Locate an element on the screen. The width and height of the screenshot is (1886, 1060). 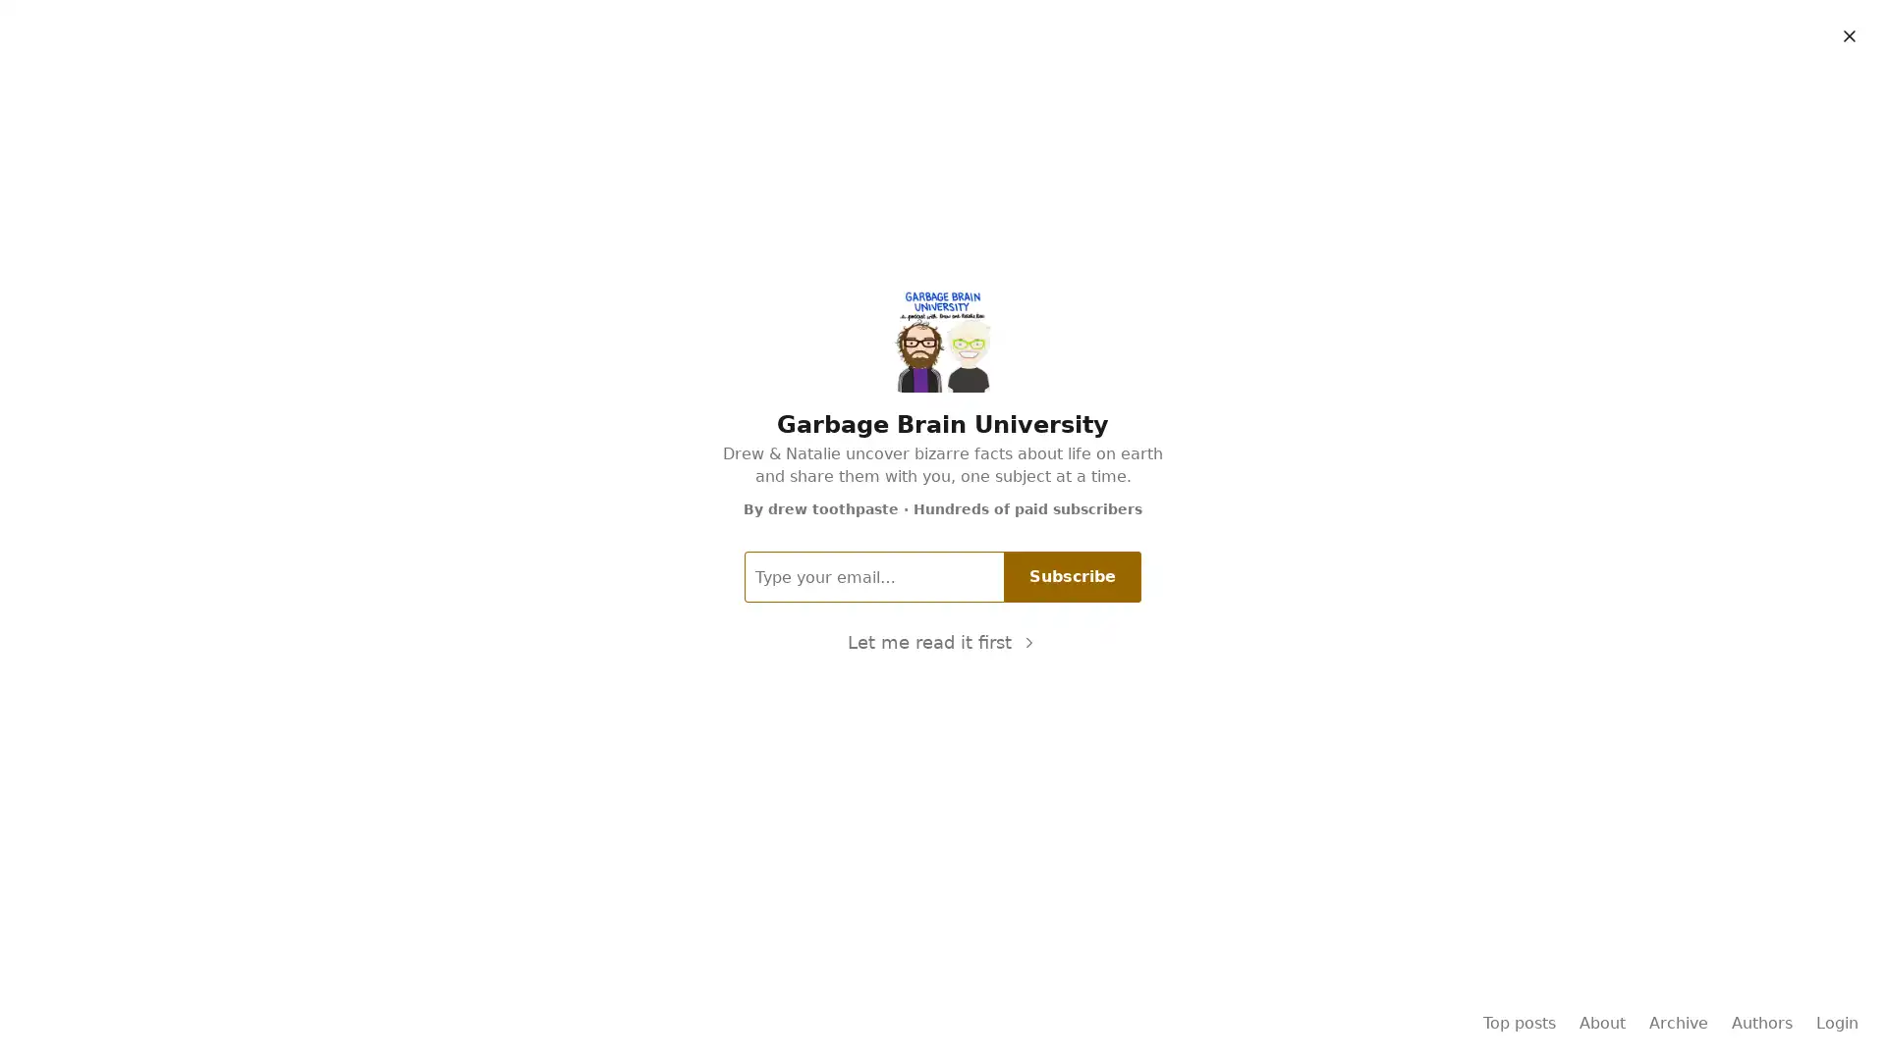
Home is located at coordinates (871, 85).